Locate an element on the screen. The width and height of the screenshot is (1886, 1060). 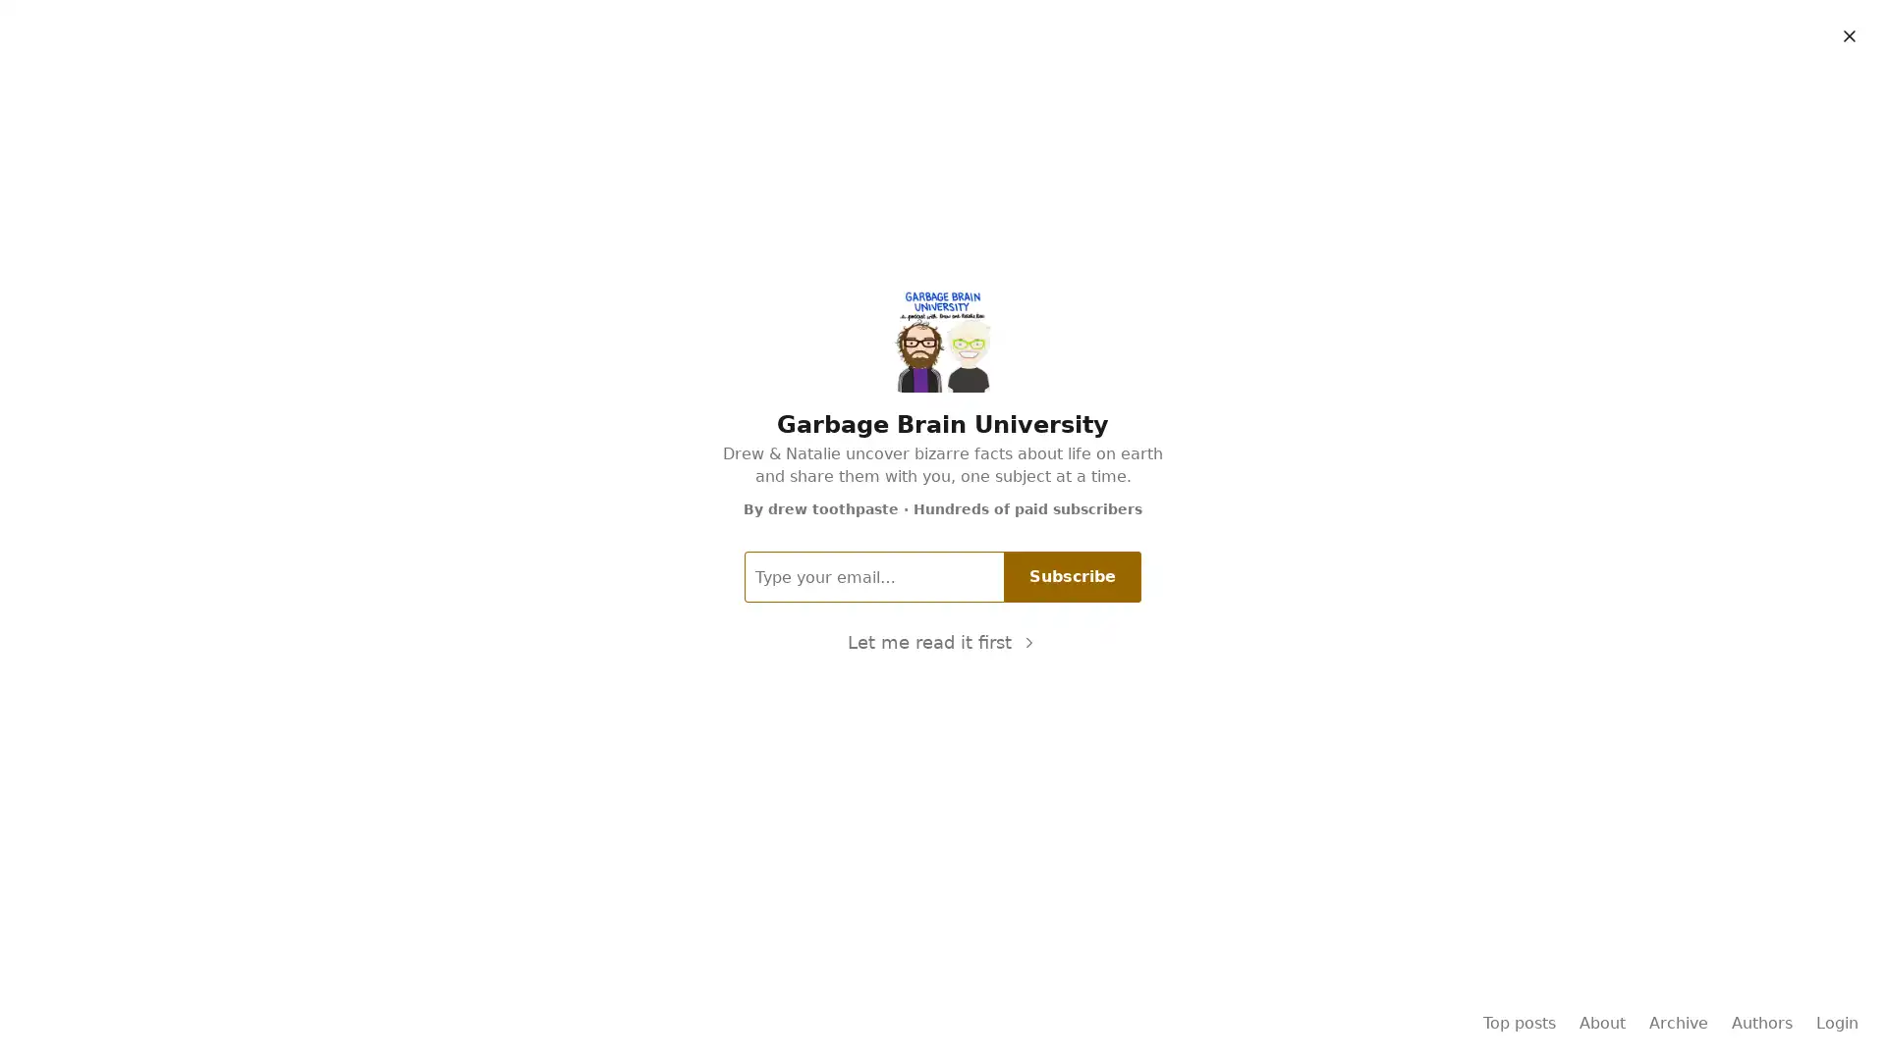
Home is located at coordinates (871, 85).